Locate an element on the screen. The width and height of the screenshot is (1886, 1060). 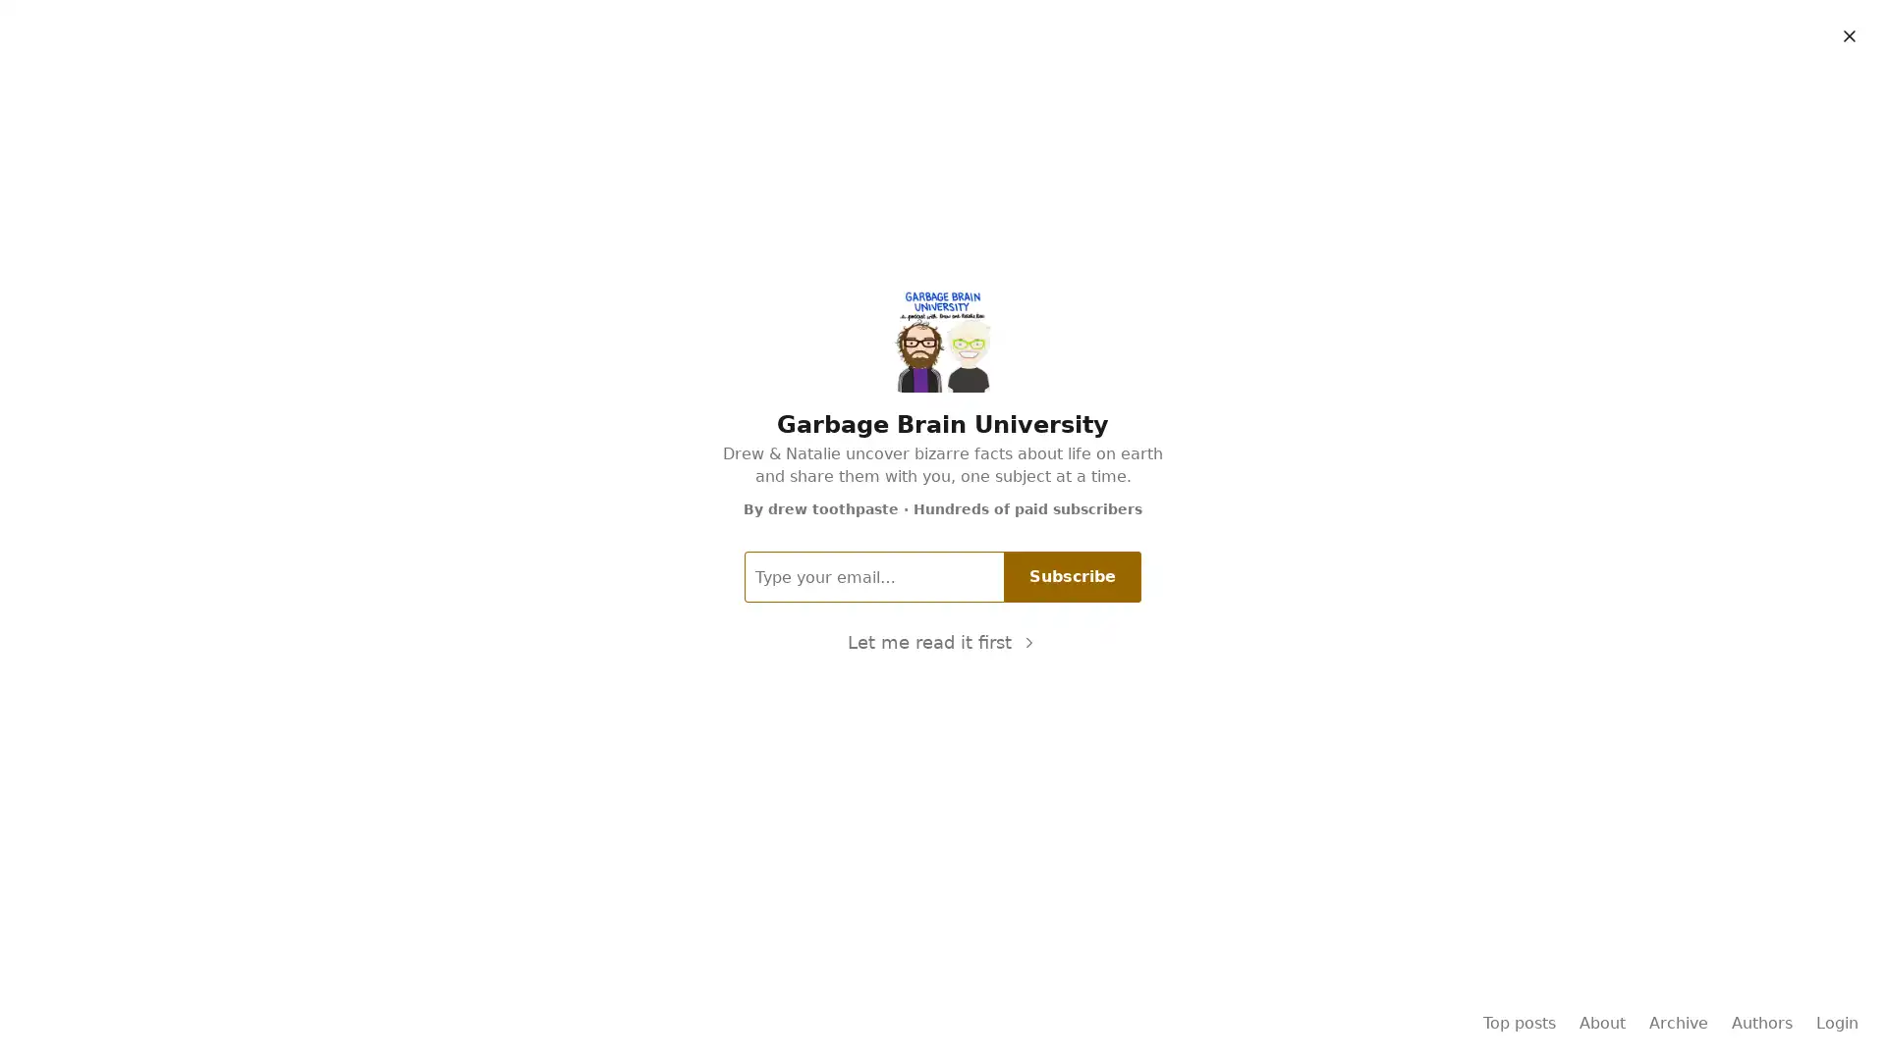
Home is located at coordinates (871, 85).